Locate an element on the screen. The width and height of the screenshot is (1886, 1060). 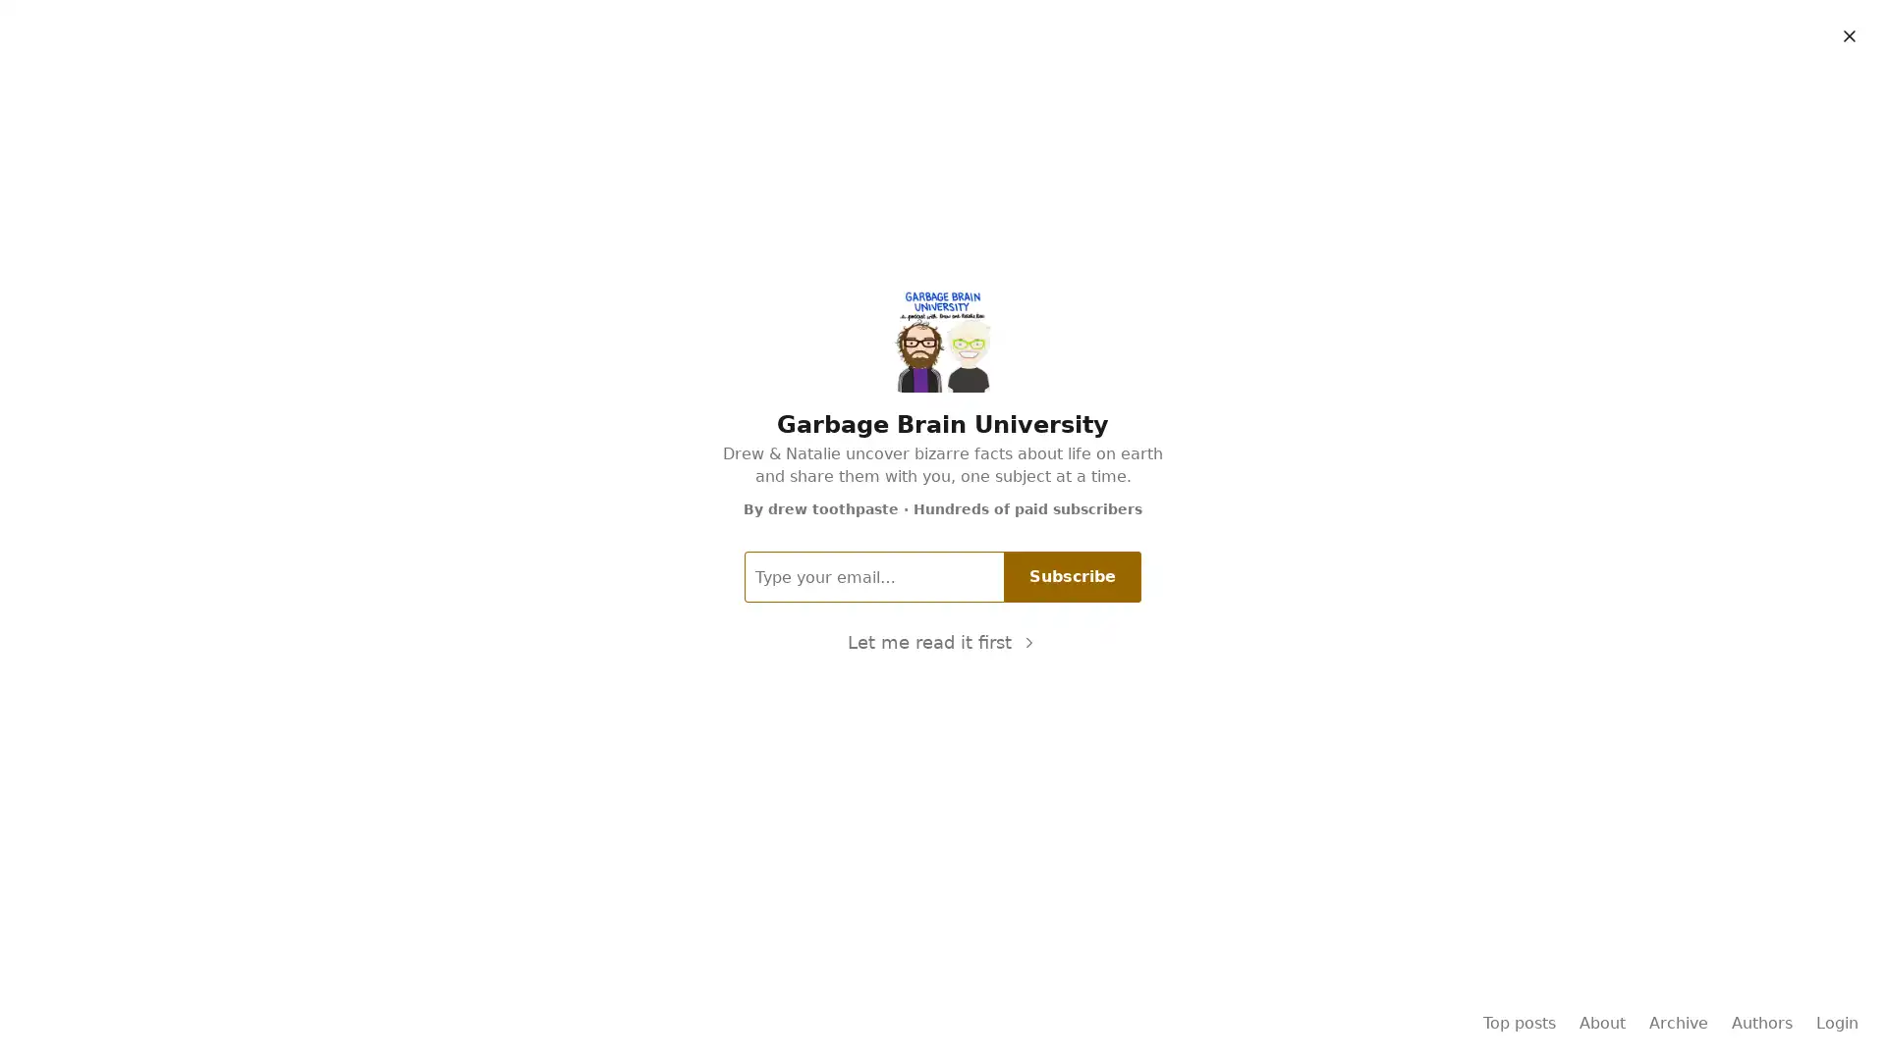
Home is located at coordinates (871, 85).